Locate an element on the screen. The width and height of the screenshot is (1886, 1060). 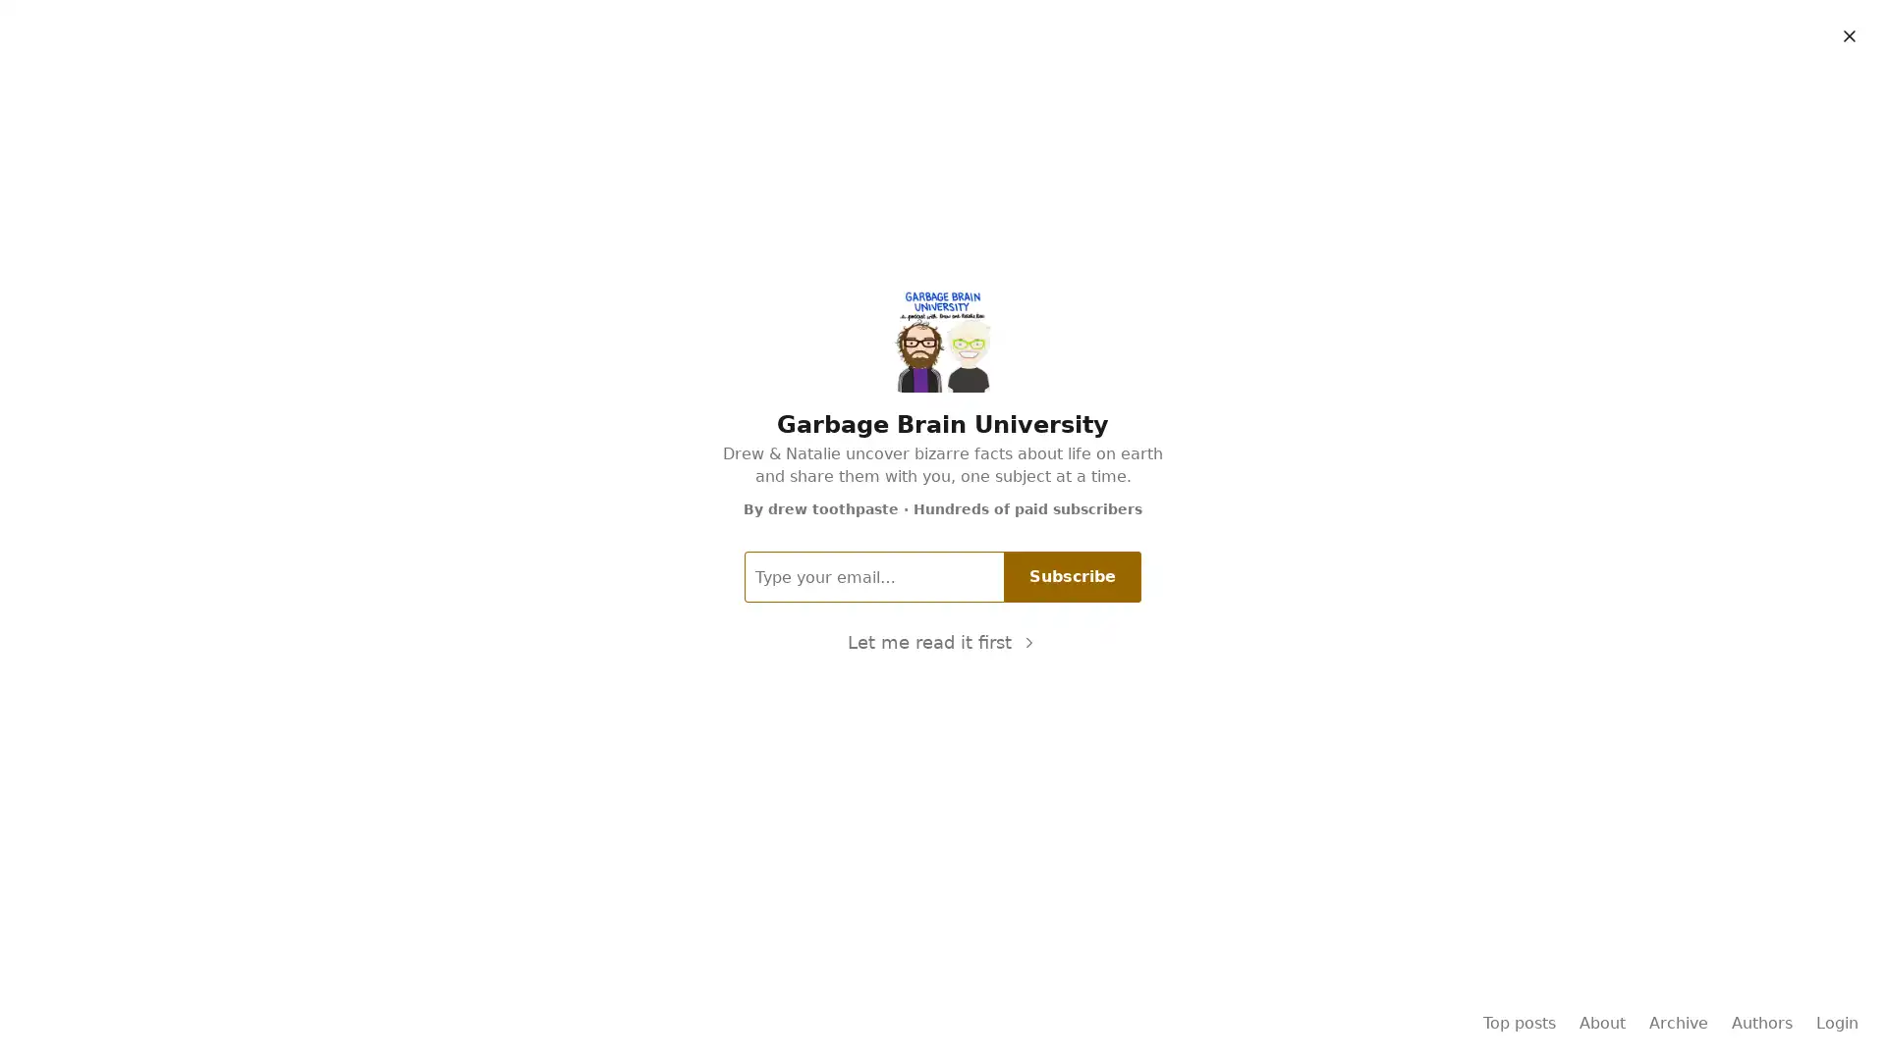
Home is located at coordinates (871, 85).